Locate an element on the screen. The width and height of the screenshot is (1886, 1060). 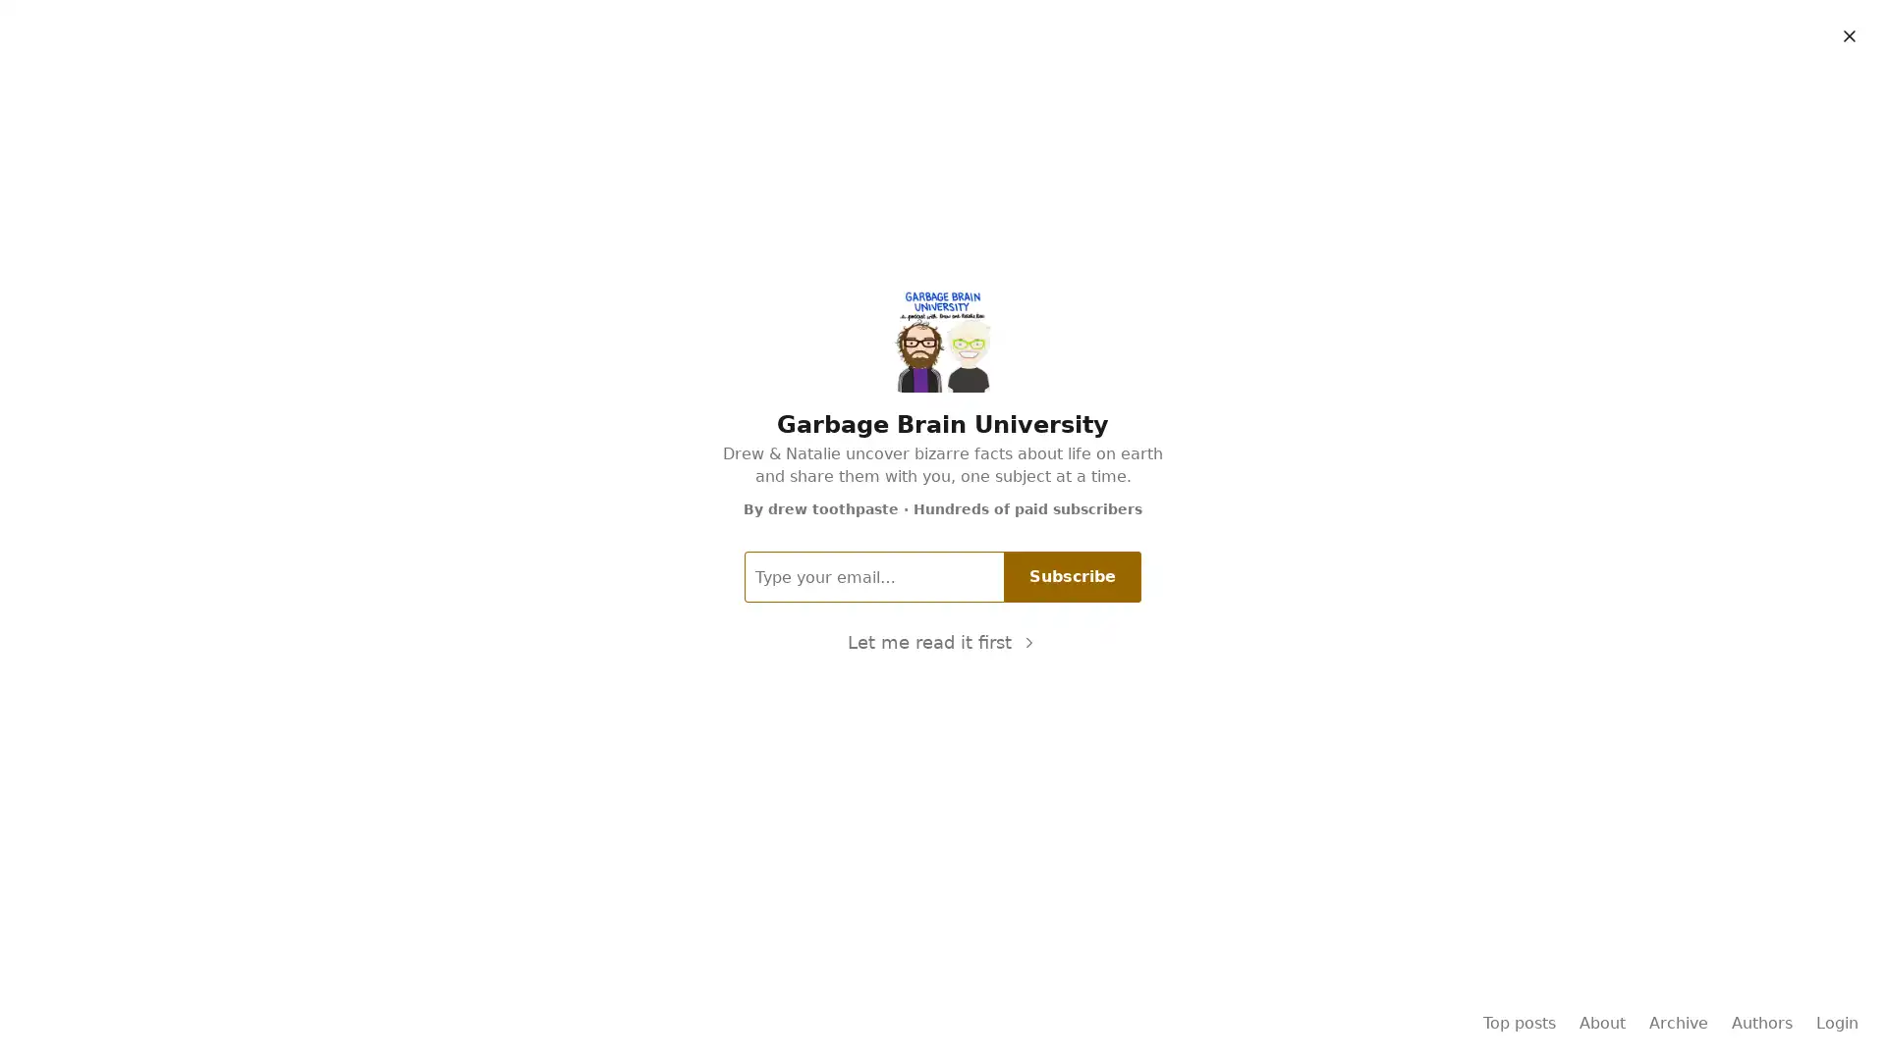
Home is located at coordinates (871, 85).